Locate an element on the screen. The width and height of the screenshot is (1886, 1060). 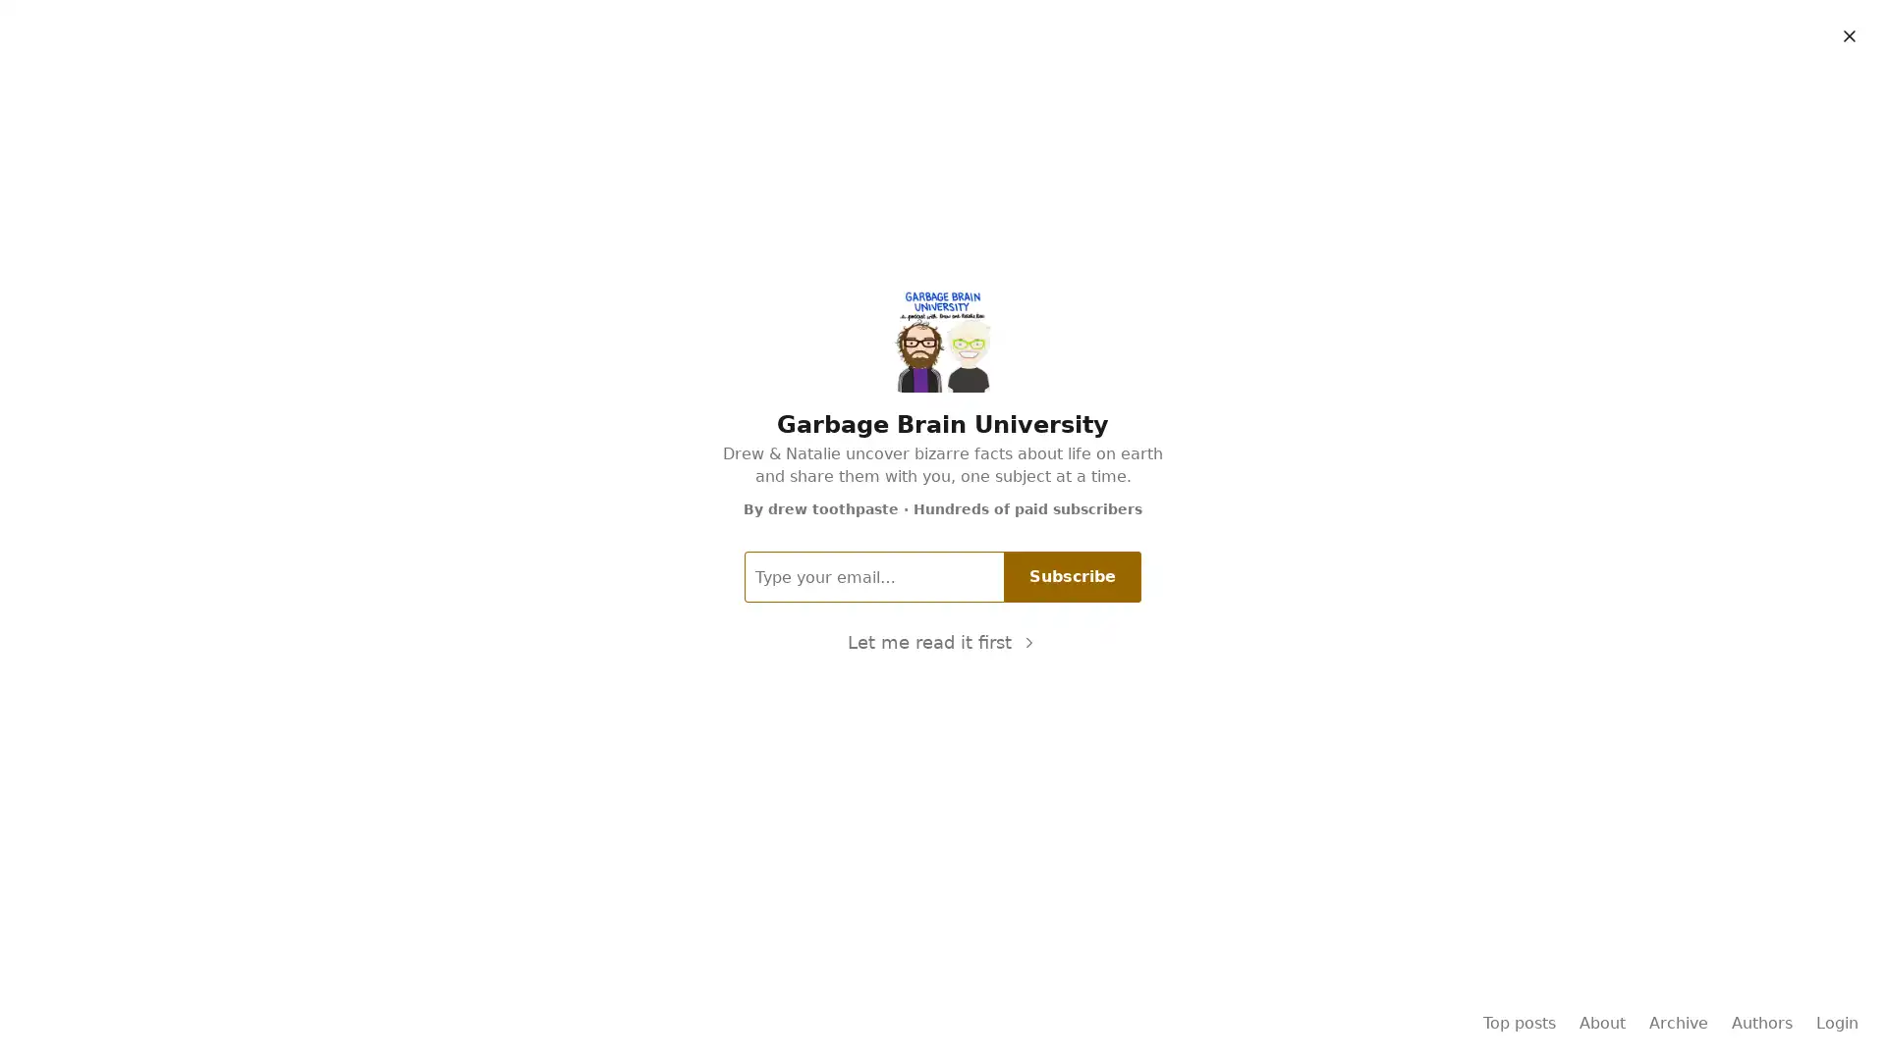
Home is located at coordinates (871, 85).